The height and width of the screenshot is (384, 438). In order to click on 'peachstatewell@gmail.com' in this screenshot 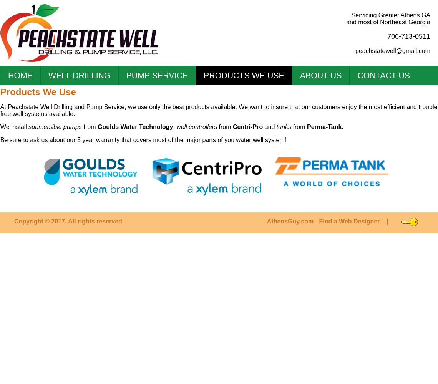, I will do `click(393, 50)`.